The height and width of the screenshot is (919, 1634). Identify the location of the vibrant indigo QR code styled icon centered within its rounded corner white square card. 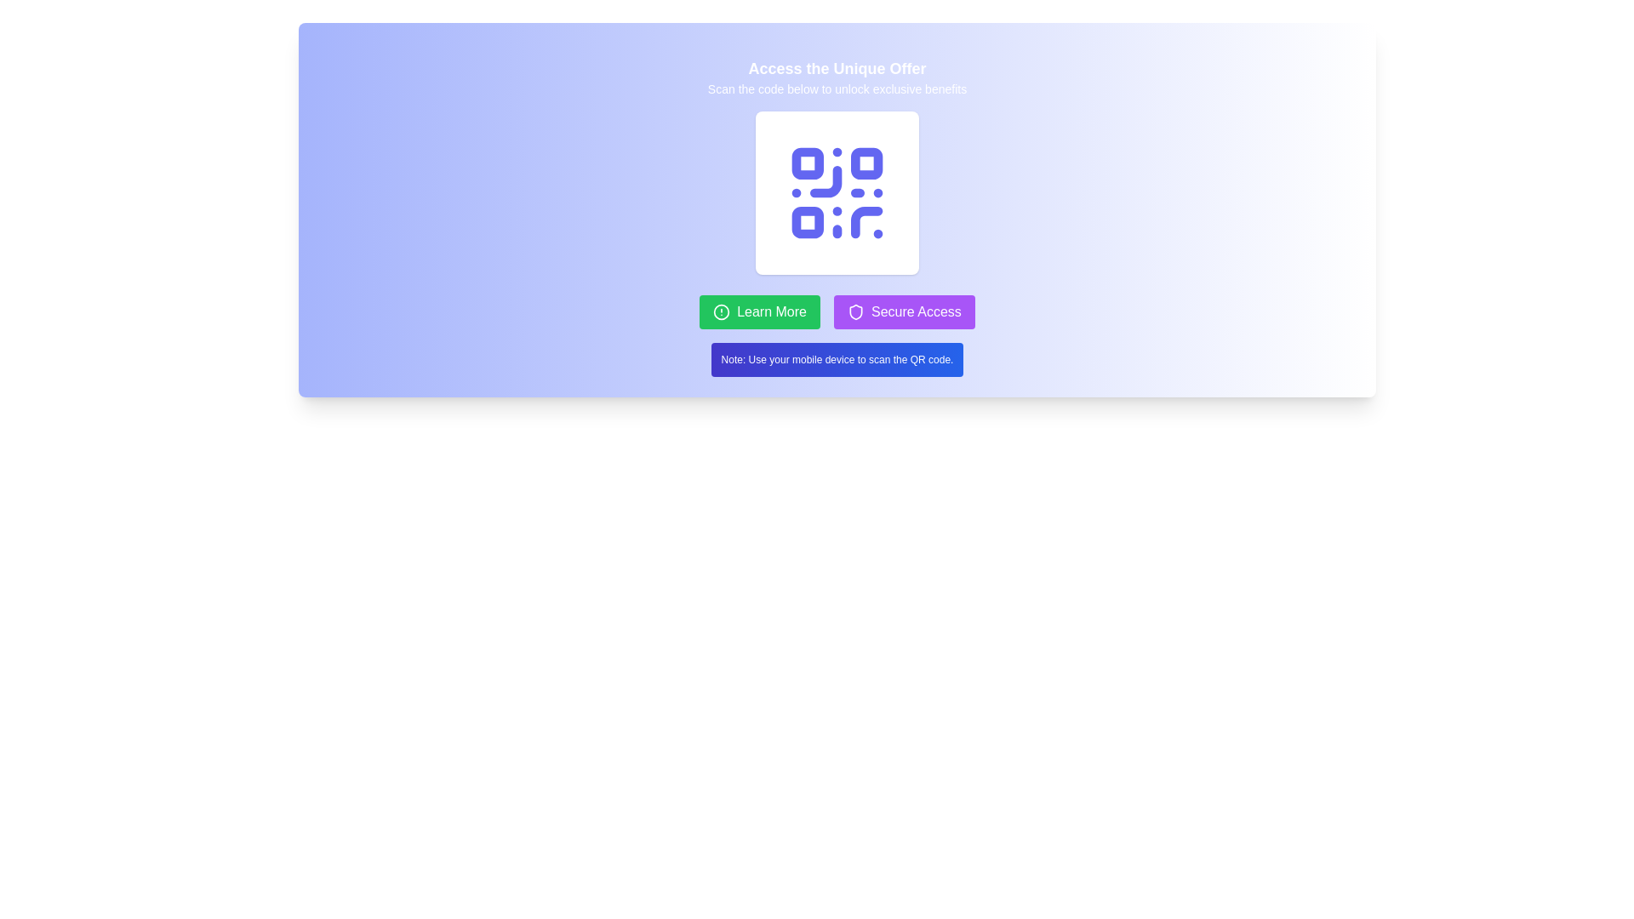
(837, 192).